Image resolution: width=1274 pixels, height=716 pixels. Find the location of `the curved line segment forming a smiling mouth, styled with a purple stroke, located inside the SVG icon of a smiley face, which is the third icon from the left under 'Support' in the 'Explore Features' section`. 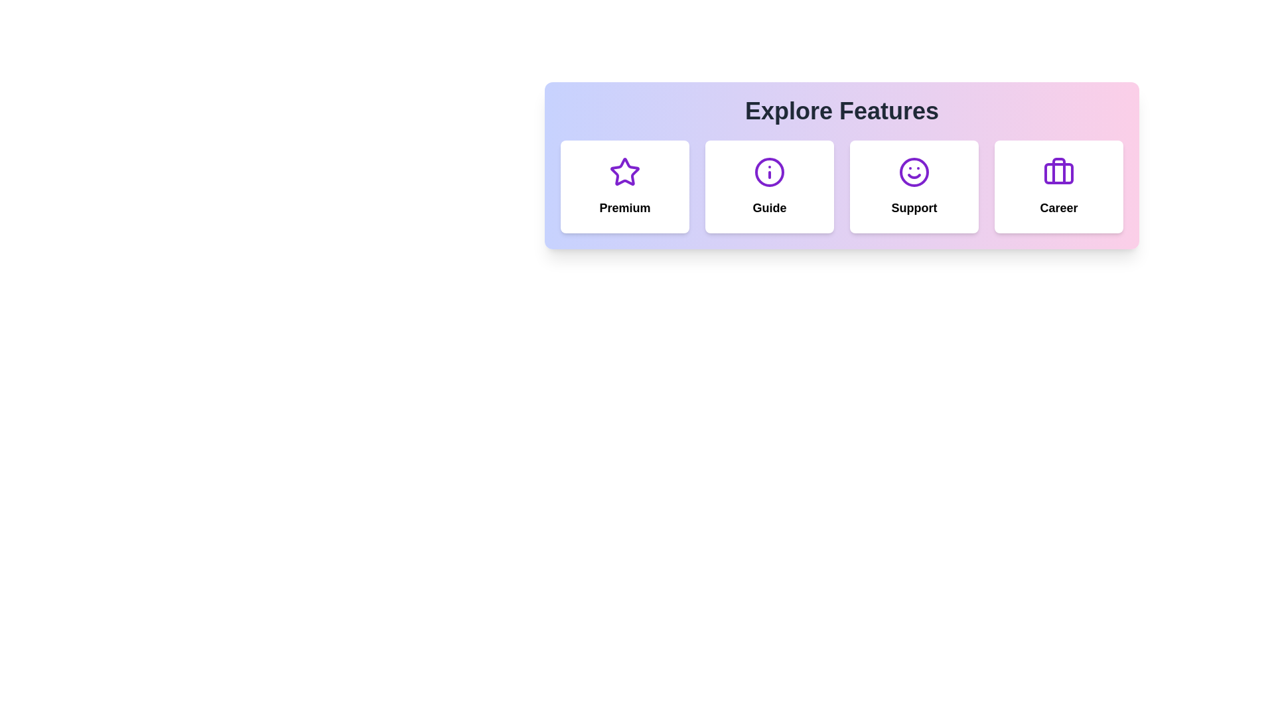

the curved line segment forming a smiling mouth, styled with a purple stroke, located inside the SVG icon of a smiley face, which is the third icon from the left under 'Support' in the 'Explore Features' section is located at coordinates (913, 176).